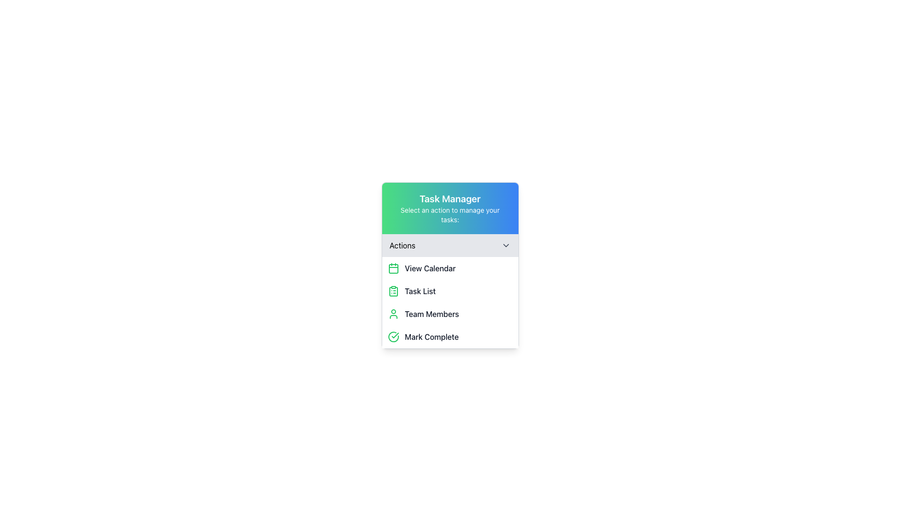 Image resolution: width=915 pixels, height=514 pixels. Describe the element at coordinates (393, 314) in the screenshot. I see `the 'Team Members' icon located to the left of the 'Team Members' label in the Team Members section` at that location.